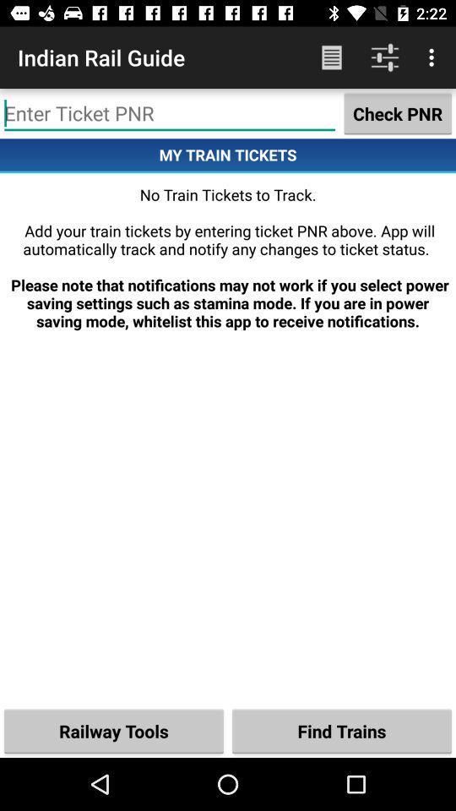 This screenshot has width=456, height=811. I want to click on the item below no train tickets, so click(342, 730).